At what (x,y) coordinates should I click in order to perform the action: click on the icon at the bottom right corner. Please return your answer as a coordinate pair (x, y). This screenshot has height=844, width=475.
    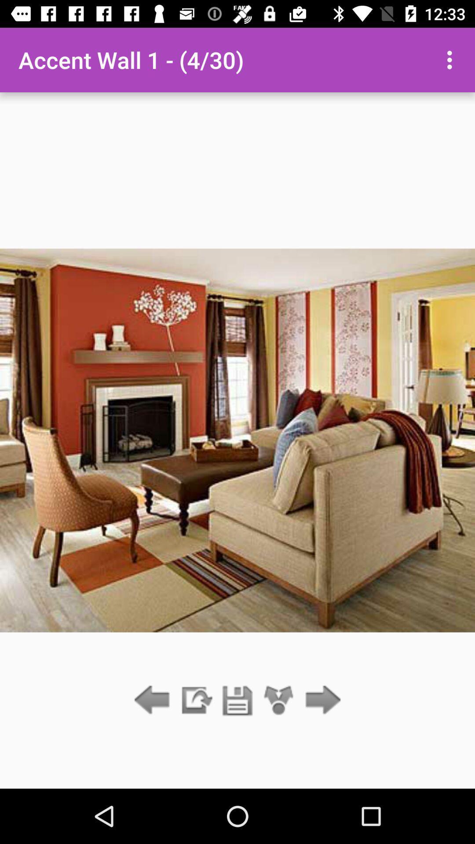
    Looking at the image, I should click on (321, 700).